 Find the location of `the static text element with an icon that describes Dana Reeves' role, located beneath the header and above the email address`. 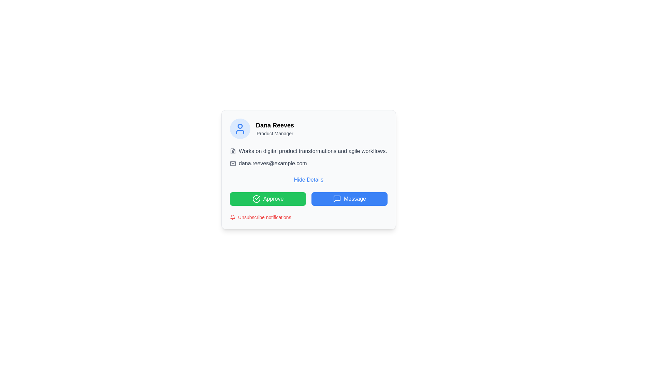

the static text element with an icon that describes Dana Reeves' role, located beneath the header and above the email address is located at coordinates (308, 151).